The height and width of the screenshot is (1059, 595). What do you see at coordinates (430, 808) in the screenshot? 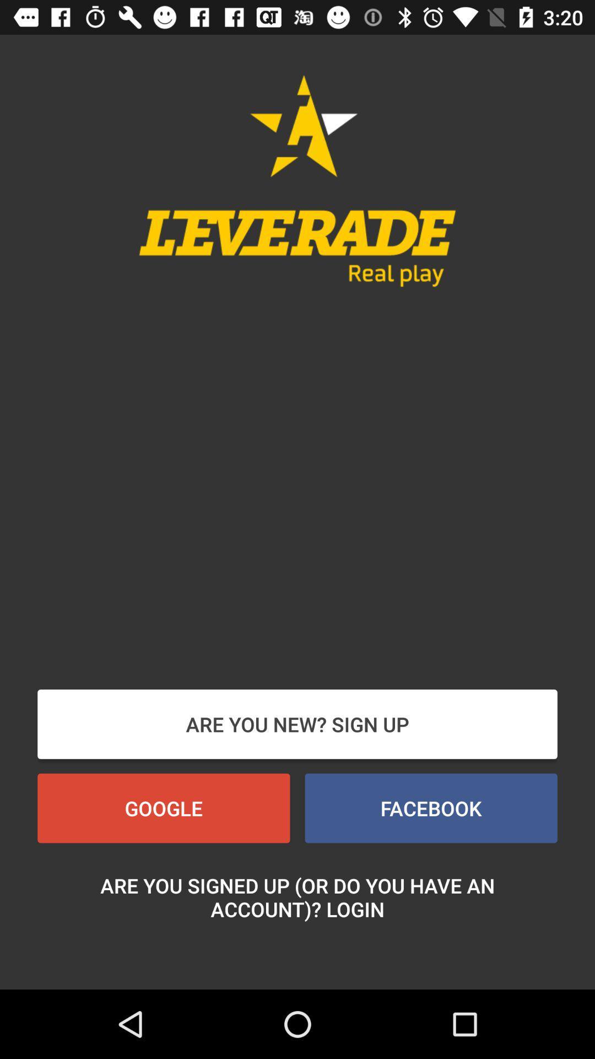
I see `the facebook` at bounding box center [430, 808].